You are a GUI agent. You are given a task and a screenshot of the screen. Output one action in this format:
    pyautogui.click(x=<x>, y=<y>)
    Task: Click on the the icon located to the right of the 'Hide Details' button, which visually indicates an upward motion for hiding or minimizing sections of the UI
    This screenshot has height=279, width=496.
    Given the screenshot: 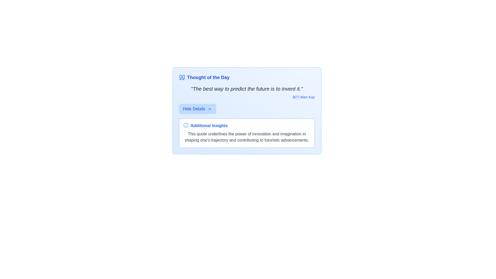 What is the action you would take?
    pyautogui.click(x=210, y=109)
    